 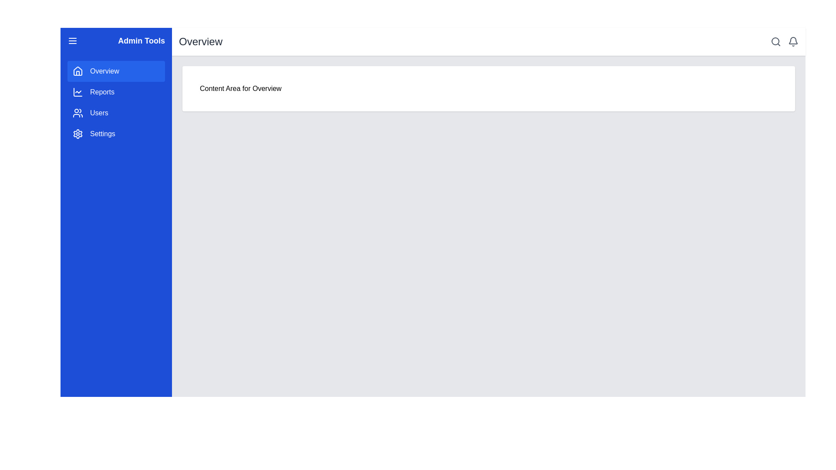 I want to click on the settings icon located in the blue sidebar menu, which is the fourth icon from the top, so click(x=78, y=134).